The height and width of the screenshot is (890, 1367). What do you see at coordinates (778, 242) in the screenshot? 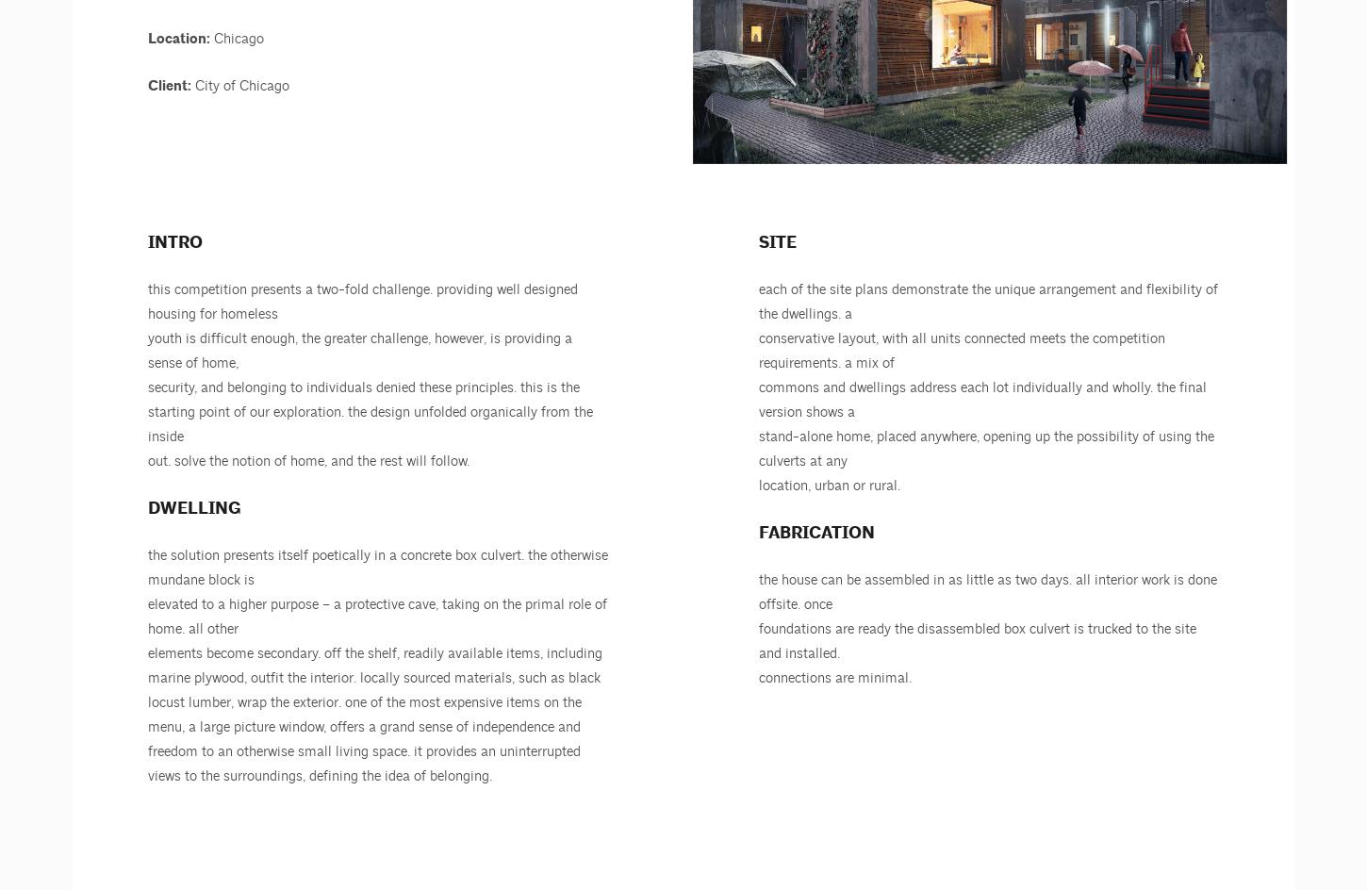
I see `'Site'` at bounding box center [778, 242].